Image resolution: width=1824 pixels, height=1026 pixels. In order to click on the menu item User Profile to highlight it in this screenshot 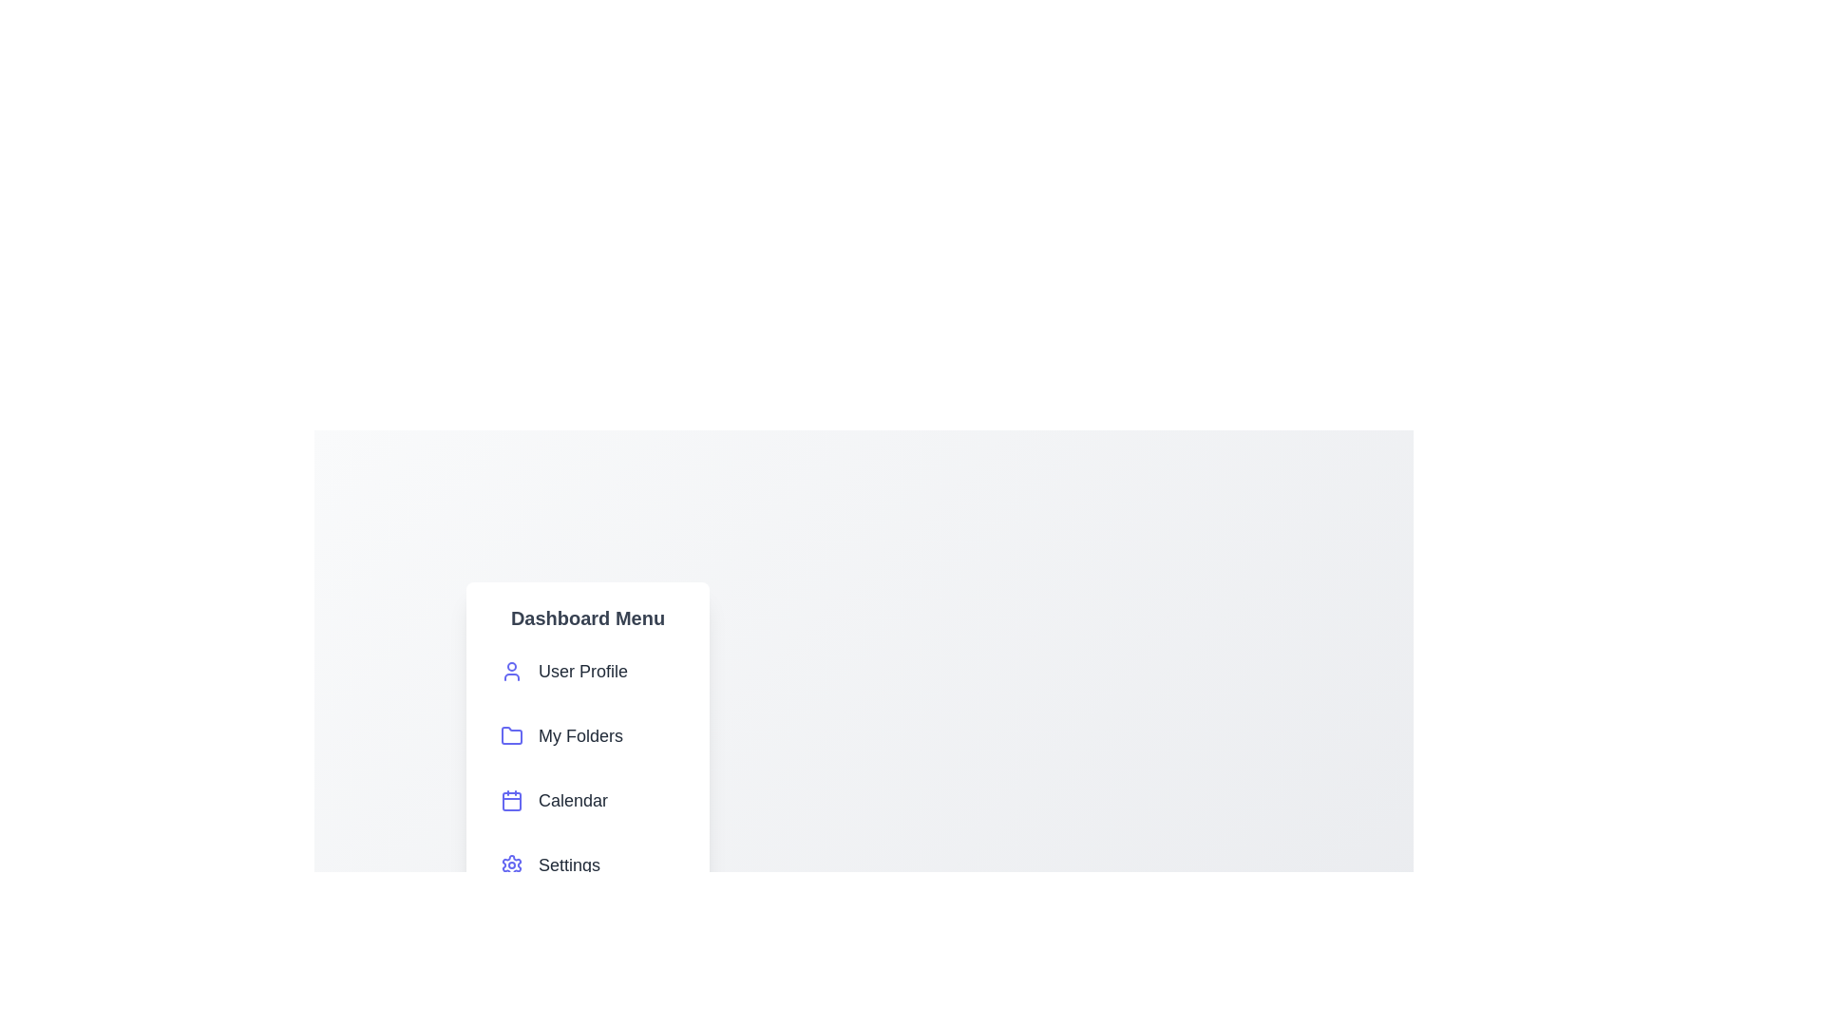, I will do `click(587, 670)`.